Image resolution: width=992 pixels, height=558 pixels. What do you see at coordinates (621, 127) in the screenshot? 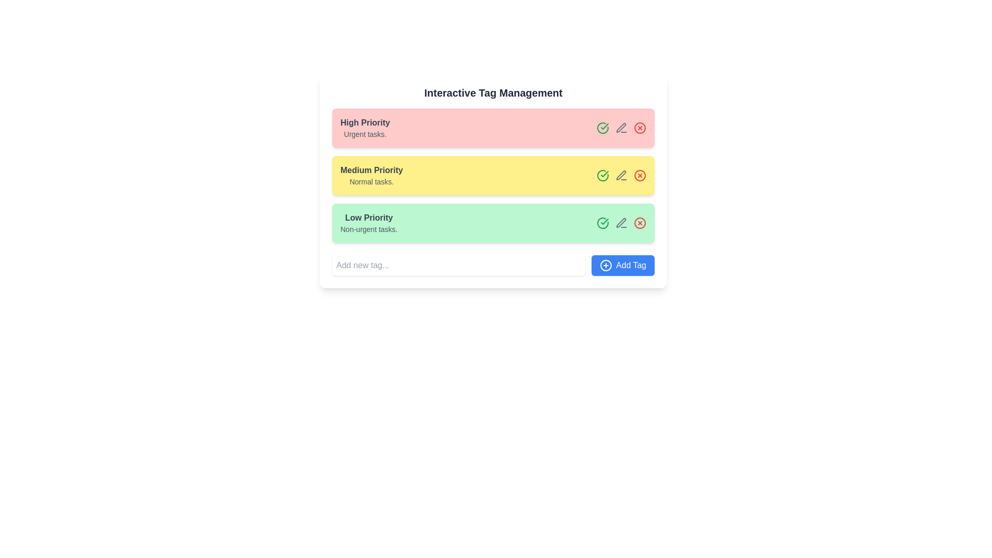
I see `the pen icon located in the bottom row next to the green checkmark icon and before the red 'x' icon` at bounding box center [621, 127].